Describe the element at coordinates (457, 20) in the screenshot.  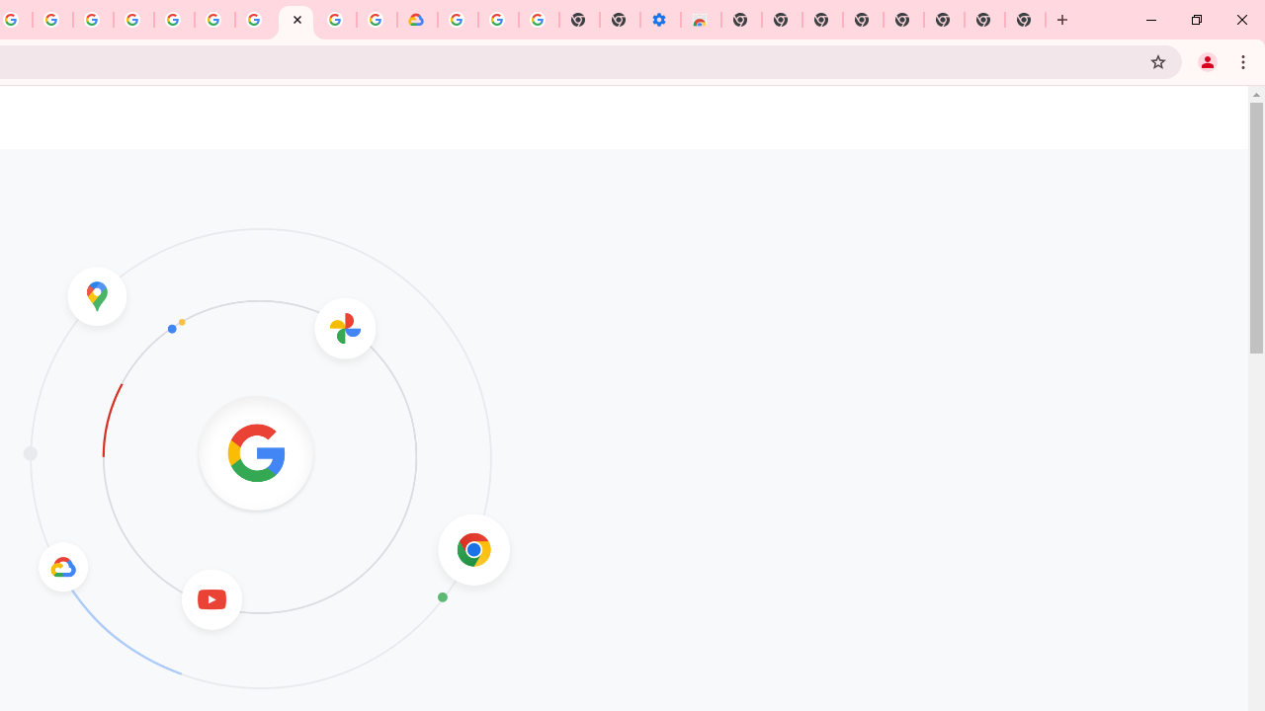
I see `'Sign in - Google Accounts'` at that location.